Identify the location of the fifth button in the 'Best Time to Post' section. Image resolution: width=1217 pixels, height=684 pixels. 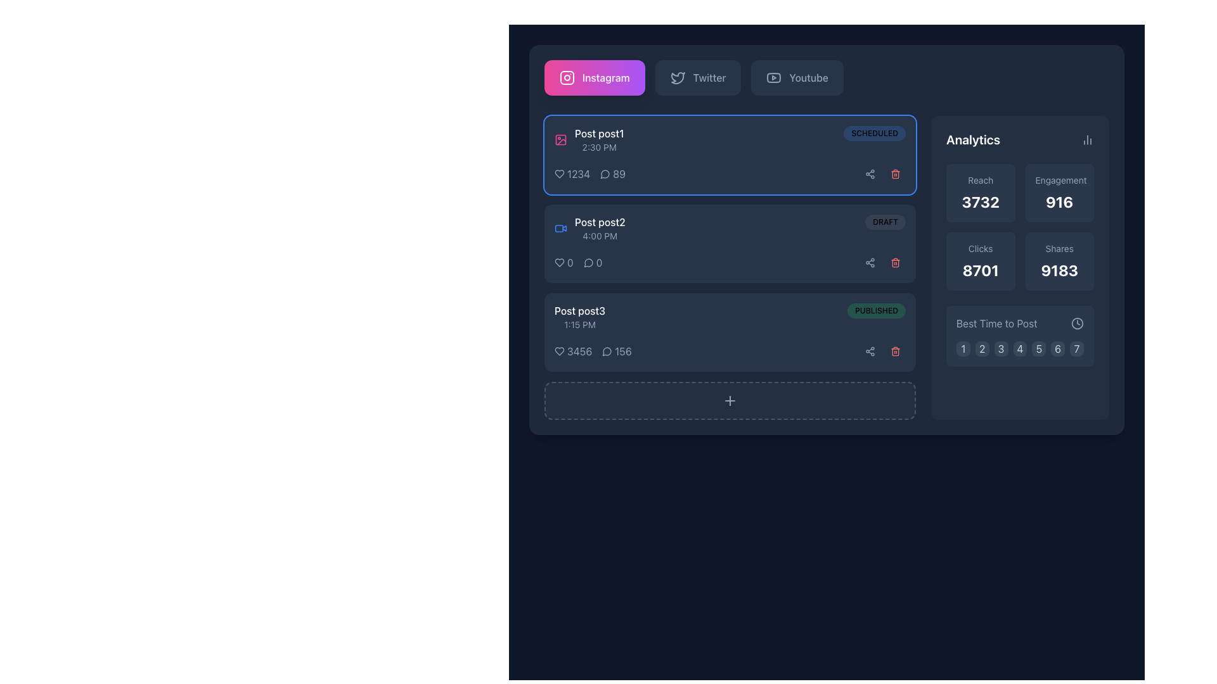
(1038, 349).